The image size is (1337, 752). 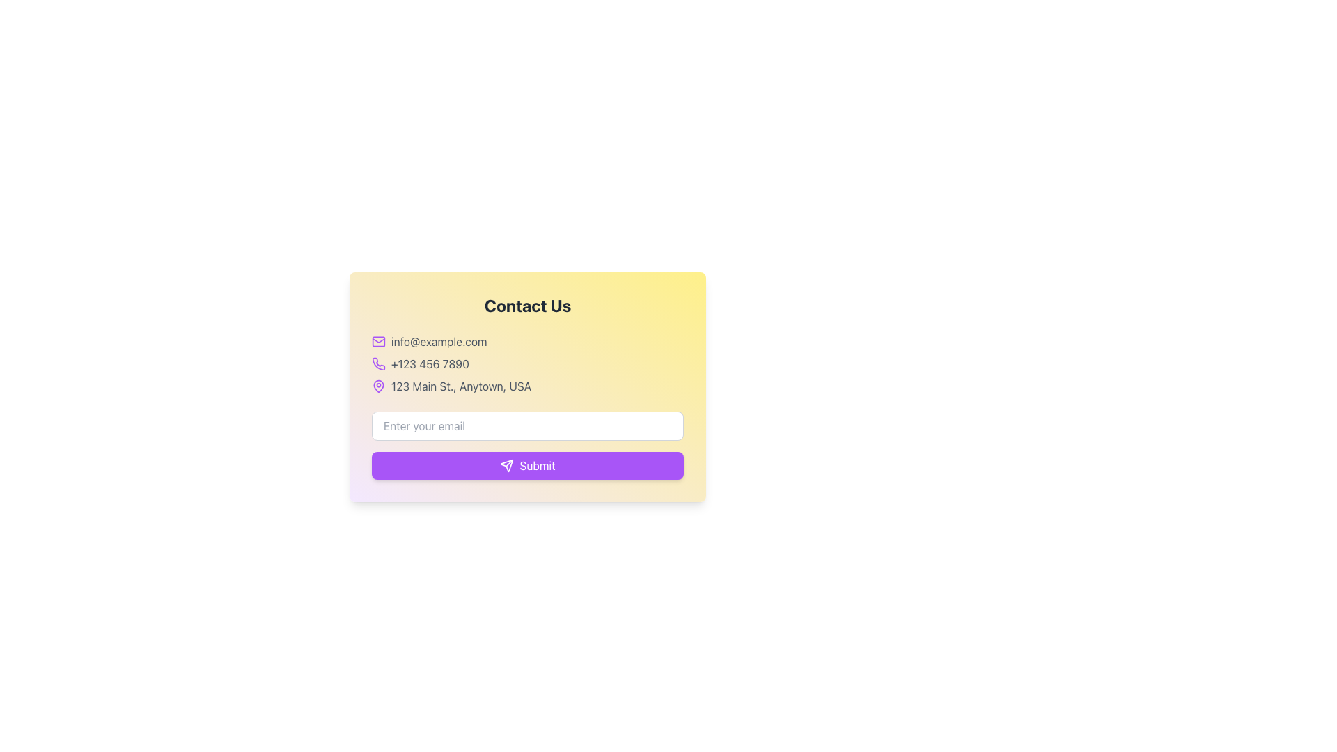 I want to click on the address icon located to the left of the text '123 Main St., Anytown, USA' in the contact information block at the bottom right of the interface, so click(x=378, y=386).